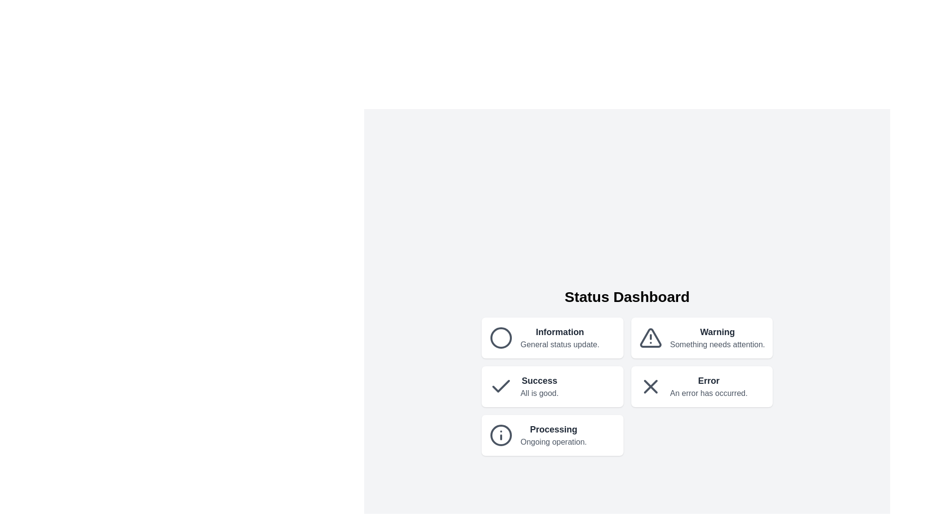  Describe the element at coordinates (539, 386) in the screenshot. I see `the text label that indicates a successful operation, located in the second row, first column of the grid layout` at that location.